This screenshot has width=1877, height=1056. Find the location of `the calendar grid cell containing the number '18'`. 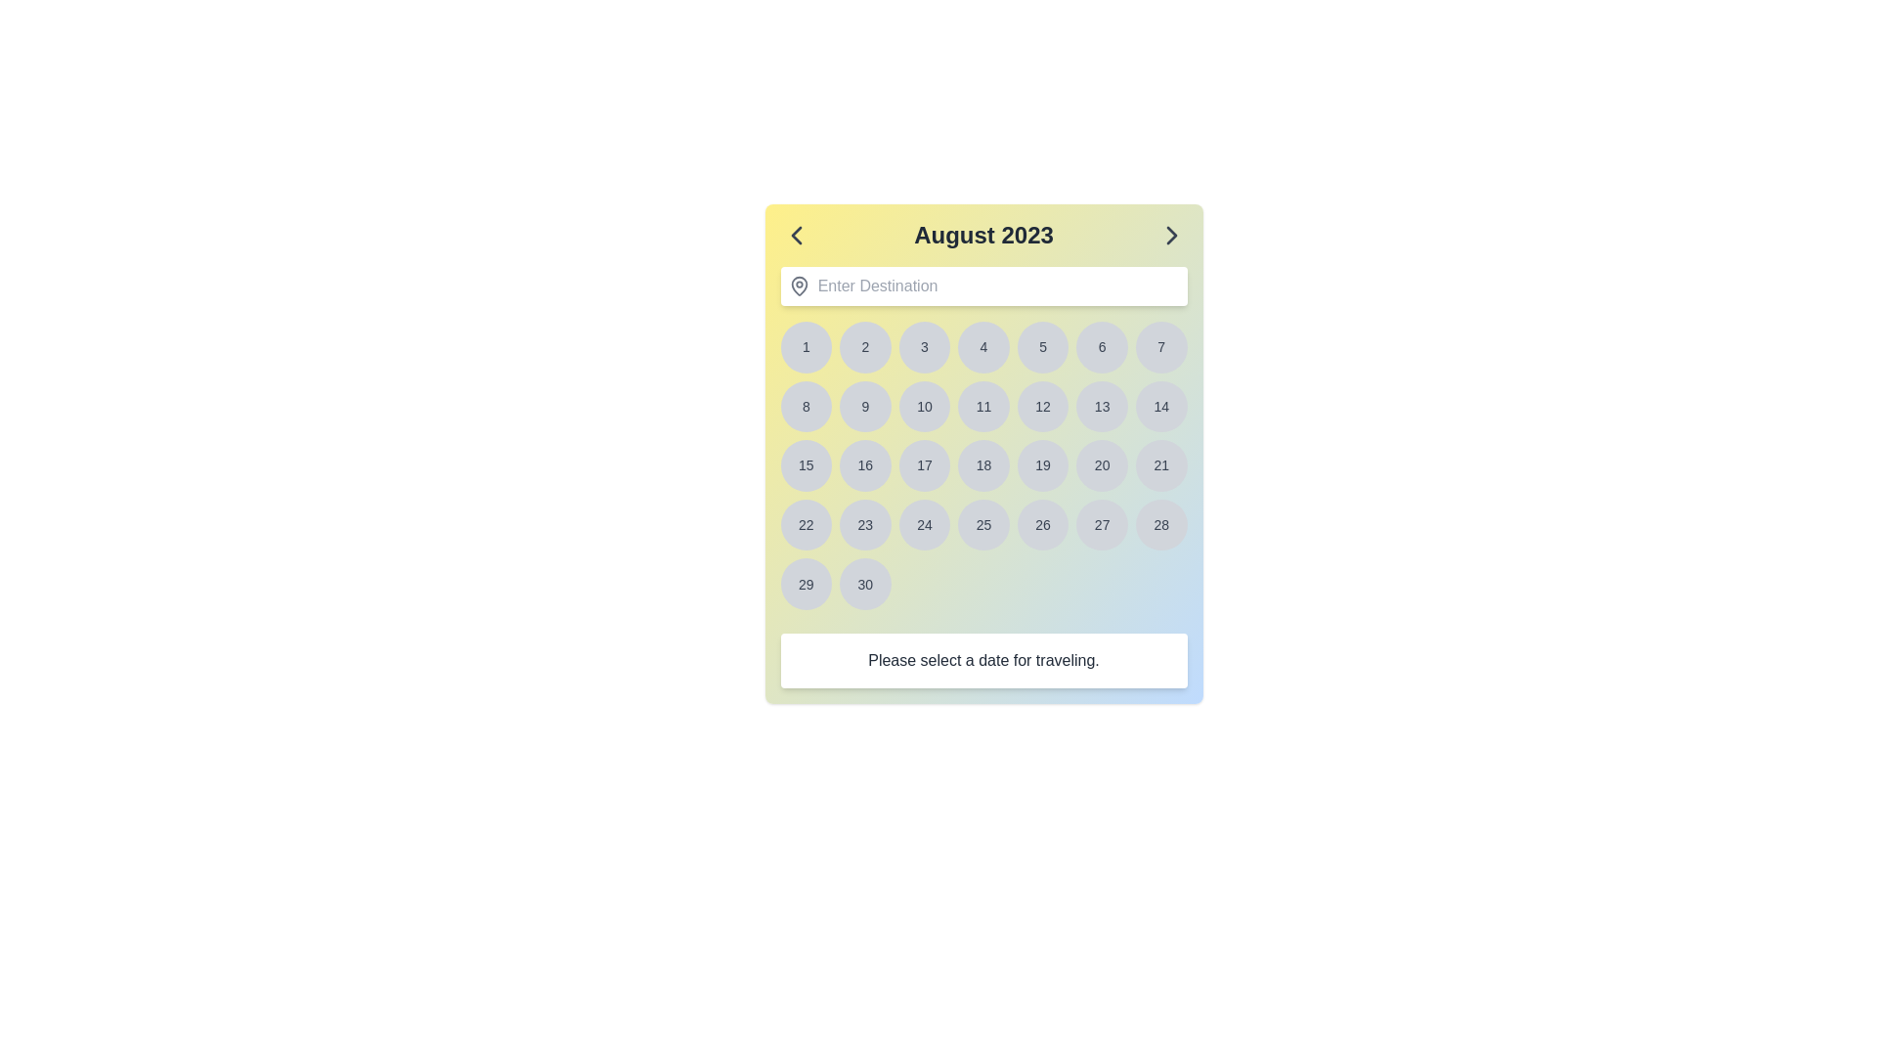

the calendar grid cell containing the number '18' is located at coordinates (983, 465).